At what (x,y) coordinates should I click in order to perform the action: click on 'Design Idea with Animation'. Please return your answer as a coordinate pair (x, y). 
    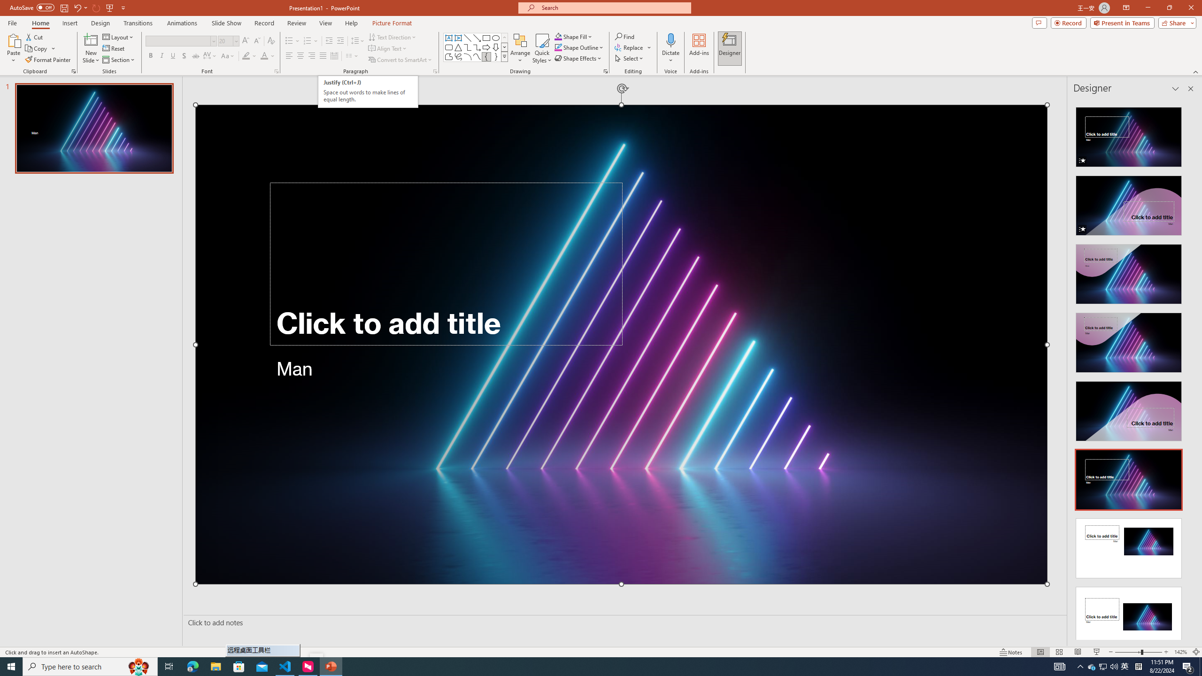
    Looking at the image, I should click on (1128, 203).